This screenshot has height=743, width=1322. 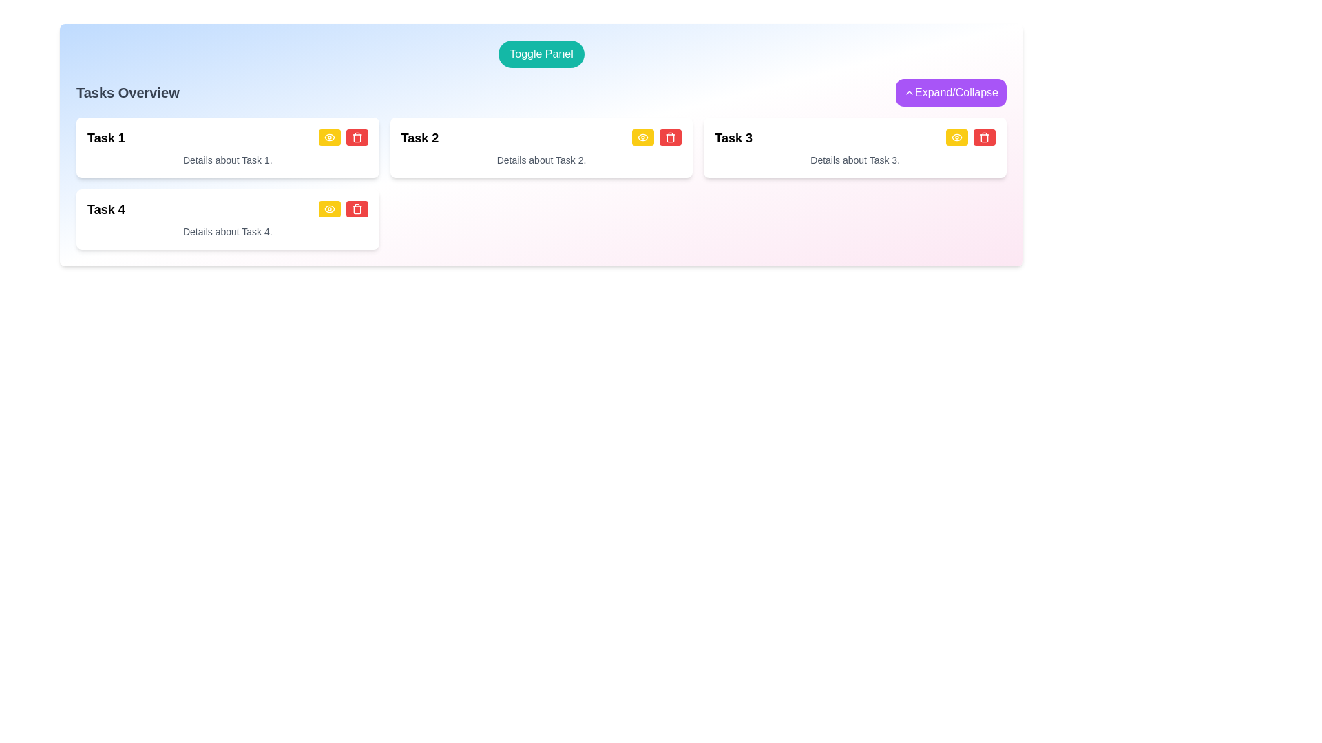 I want to click on the small triangular up arrow icon, which is styled with a thin stroke and is located within the button labeled 'Expand/Collapse' at the top-right of the interface, so click(x=909, y=93).